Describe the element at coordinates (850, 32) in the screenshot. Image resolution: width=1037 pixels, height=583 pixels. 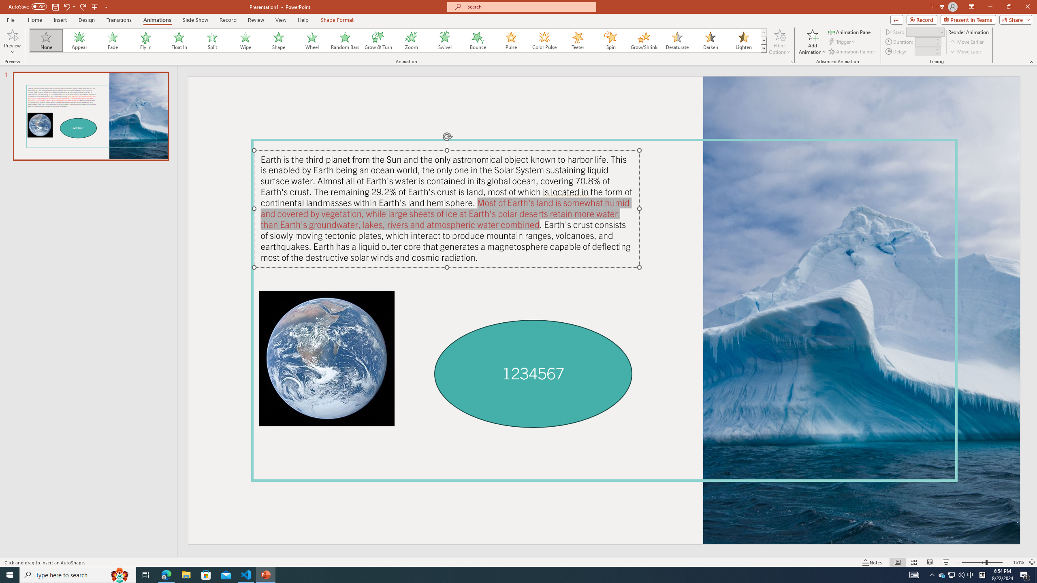
I see `'Animation Pane'` at that location.